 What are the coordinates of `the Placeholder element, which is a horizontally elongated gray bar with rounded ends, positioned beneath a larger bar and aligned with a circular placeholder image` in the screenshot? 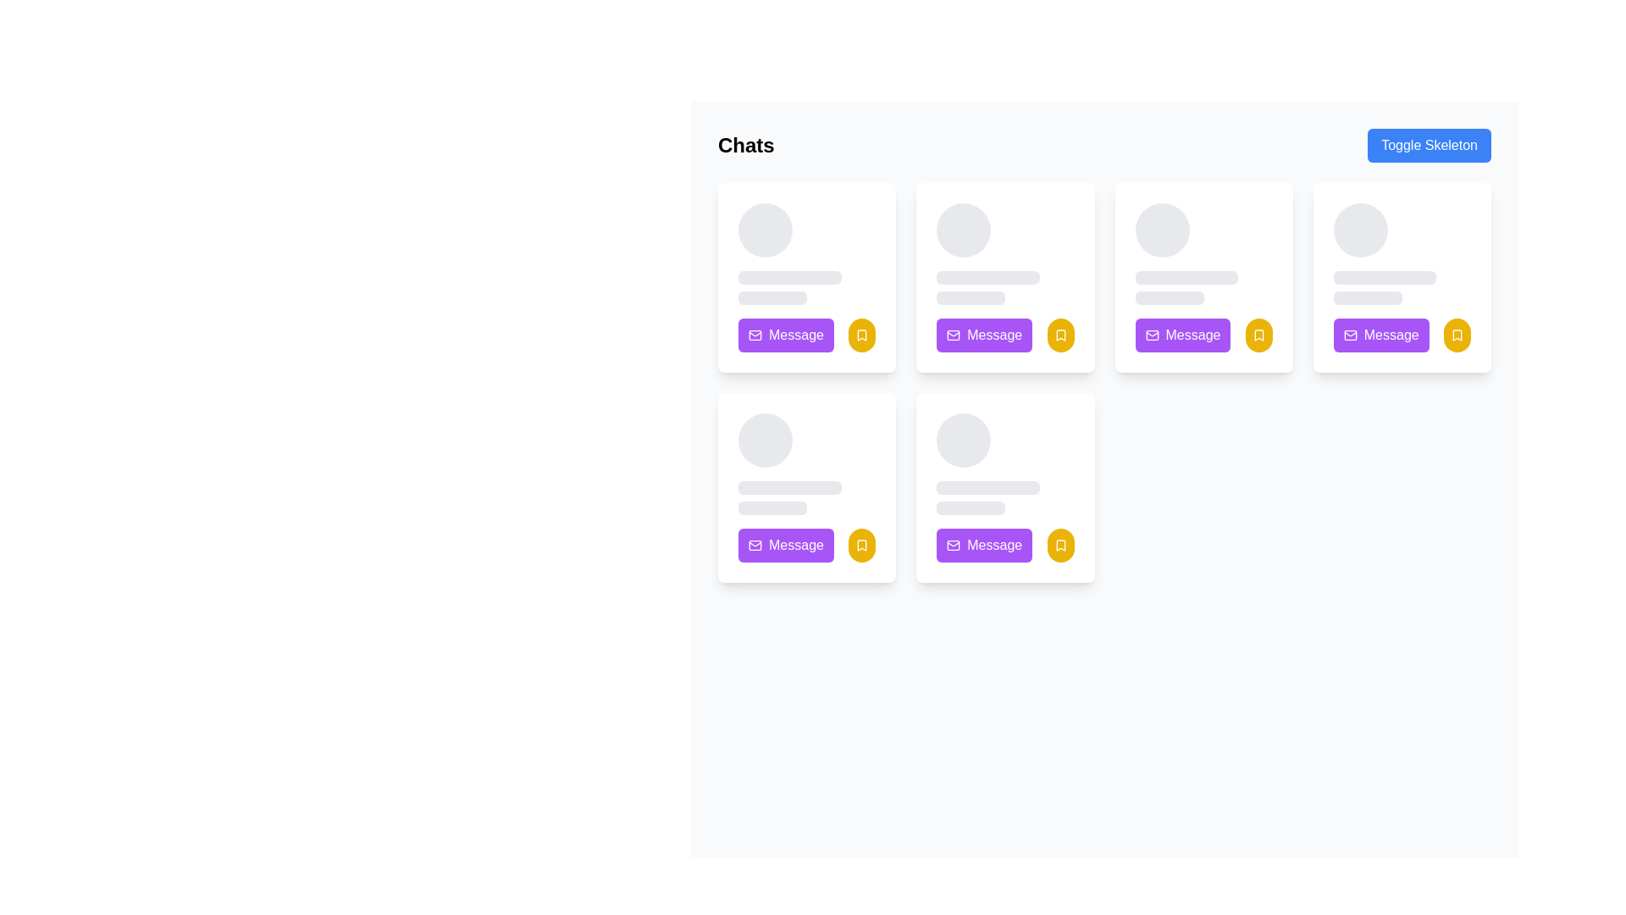 It's located at (772, 507).